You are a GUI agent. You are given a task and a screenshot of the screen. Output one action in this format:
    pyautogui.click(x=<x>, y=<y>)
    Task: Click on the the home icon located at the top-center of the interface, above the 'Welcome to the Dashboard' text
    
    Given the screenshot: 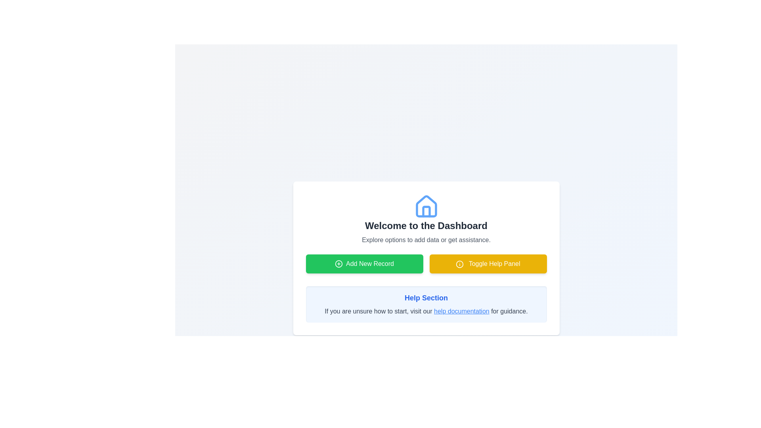 What is the action you would take?
    pyautogui.click(x=426, y=206)
    